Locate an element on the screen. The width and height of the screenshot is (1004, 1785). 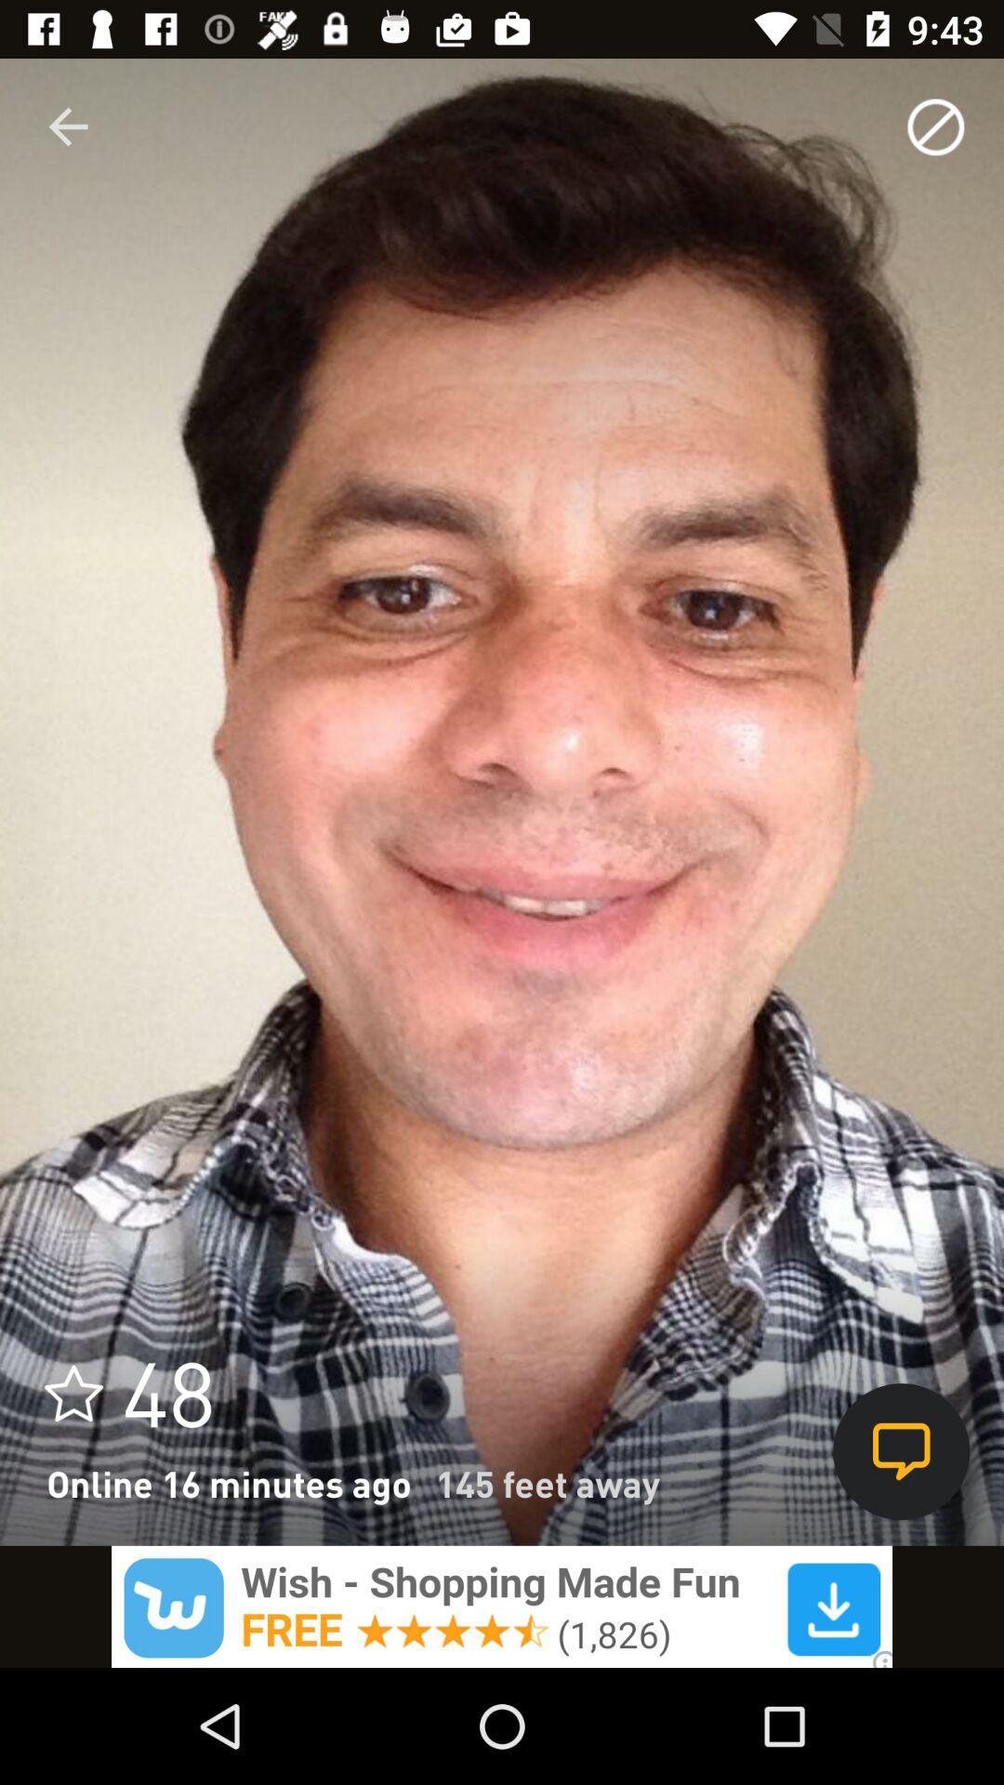
announcement is located at coordinates (502, 1606).